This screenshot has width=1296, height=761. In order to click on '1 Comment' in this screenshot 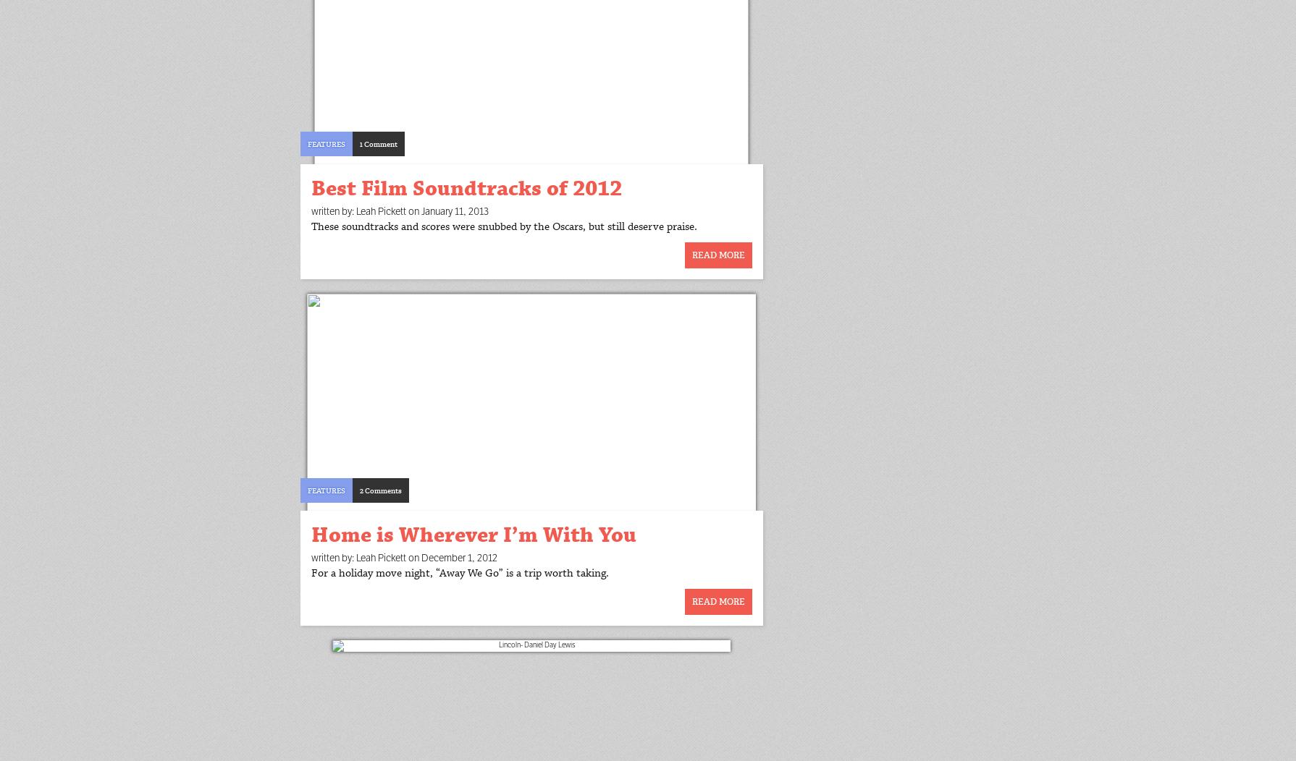, I will do `click(378, 143)`.